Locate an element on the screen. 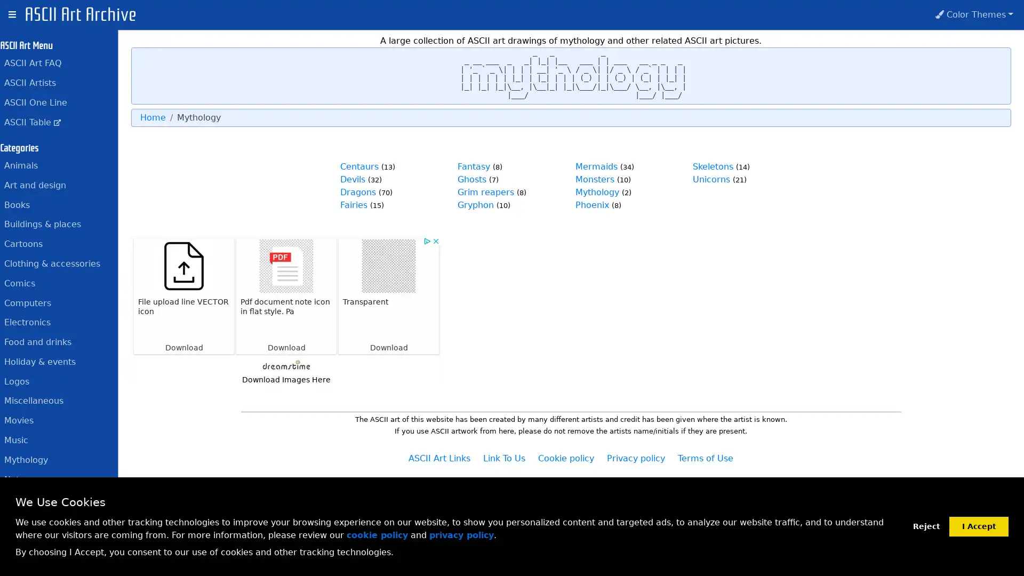 Image resolution: width=1024 pixels, height=576 pixels. I Accept is located at coordinates (979, 525).